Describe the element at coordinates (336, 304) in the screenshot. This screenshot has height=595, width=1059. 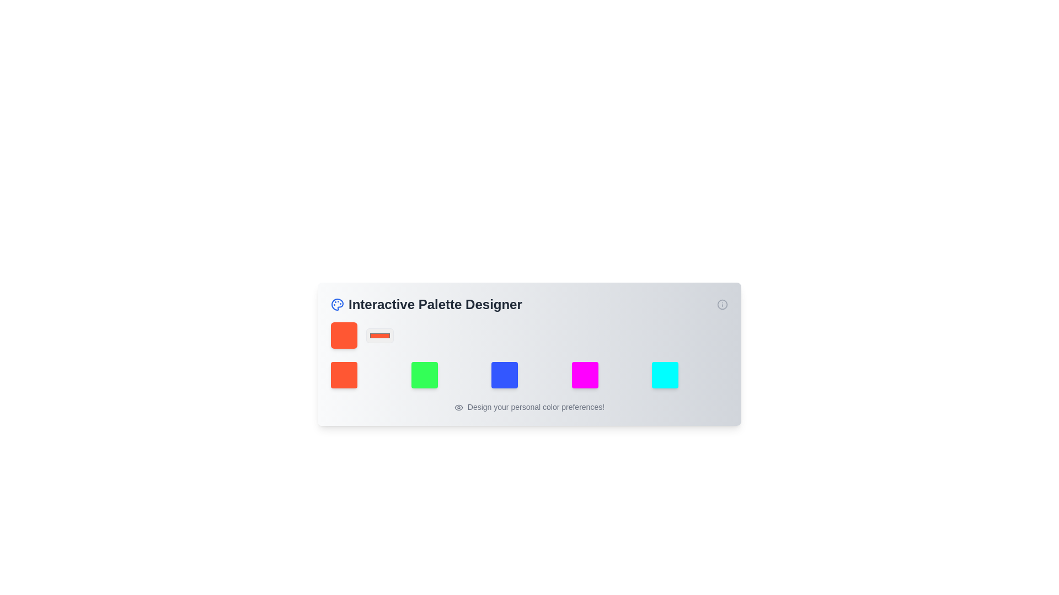
I see `the circular painter's palette icon with a blue outline located at the left of the 'Interactive Palette Designer' heading` at that location.